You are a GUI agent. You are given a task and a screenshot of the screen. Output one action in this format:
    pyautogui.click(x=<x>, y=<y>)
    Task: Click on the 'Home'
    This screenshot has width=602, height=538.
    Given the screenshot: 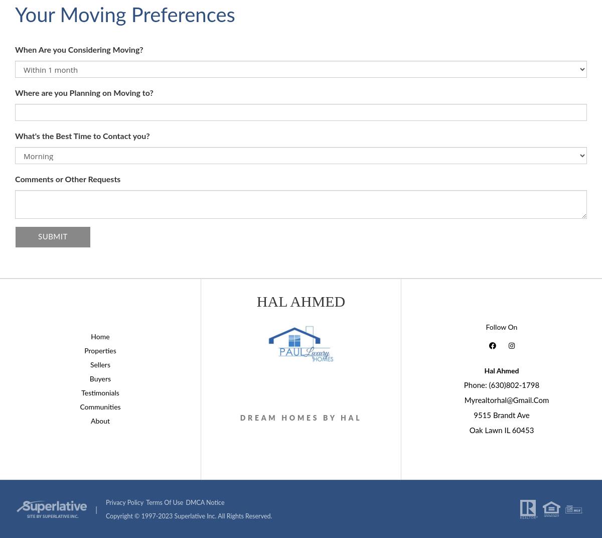 What is the action you would take?
    pyautogui.click(x=99, y=337)
    